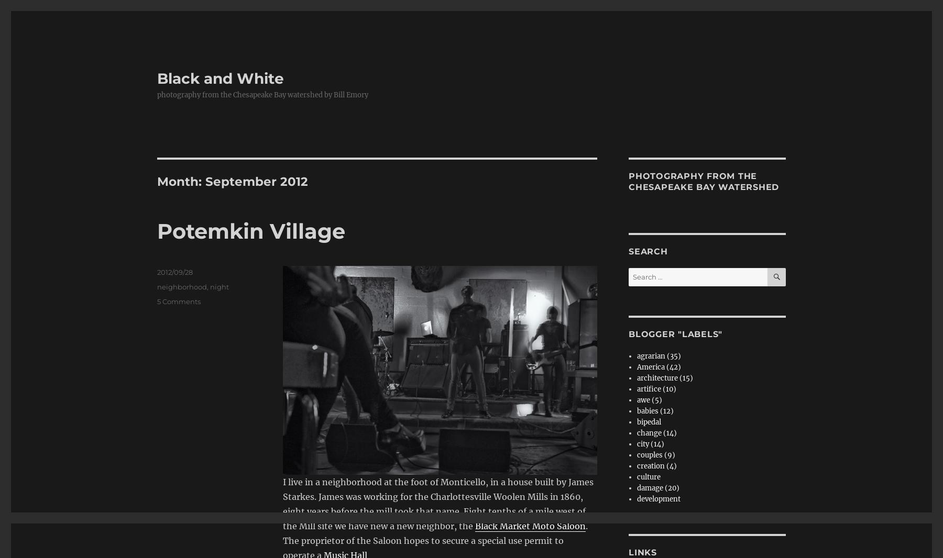  What do you see at coordinates (628, 333) in the screenshot?
I see `'blogger "labels"'` at bounding box center [628, 333].